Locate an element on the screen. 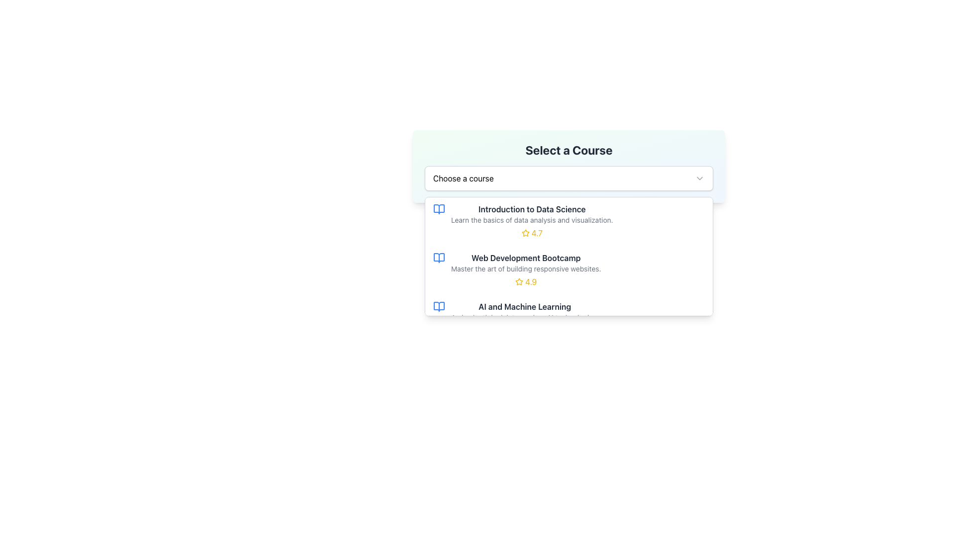 This screenshot has width=955, height=537. the blue outlined graphical book icon located next to the 'AI and Machine Learning' list item in the 'Select a Course' dropdown menu is located at coordinates (439, 306).